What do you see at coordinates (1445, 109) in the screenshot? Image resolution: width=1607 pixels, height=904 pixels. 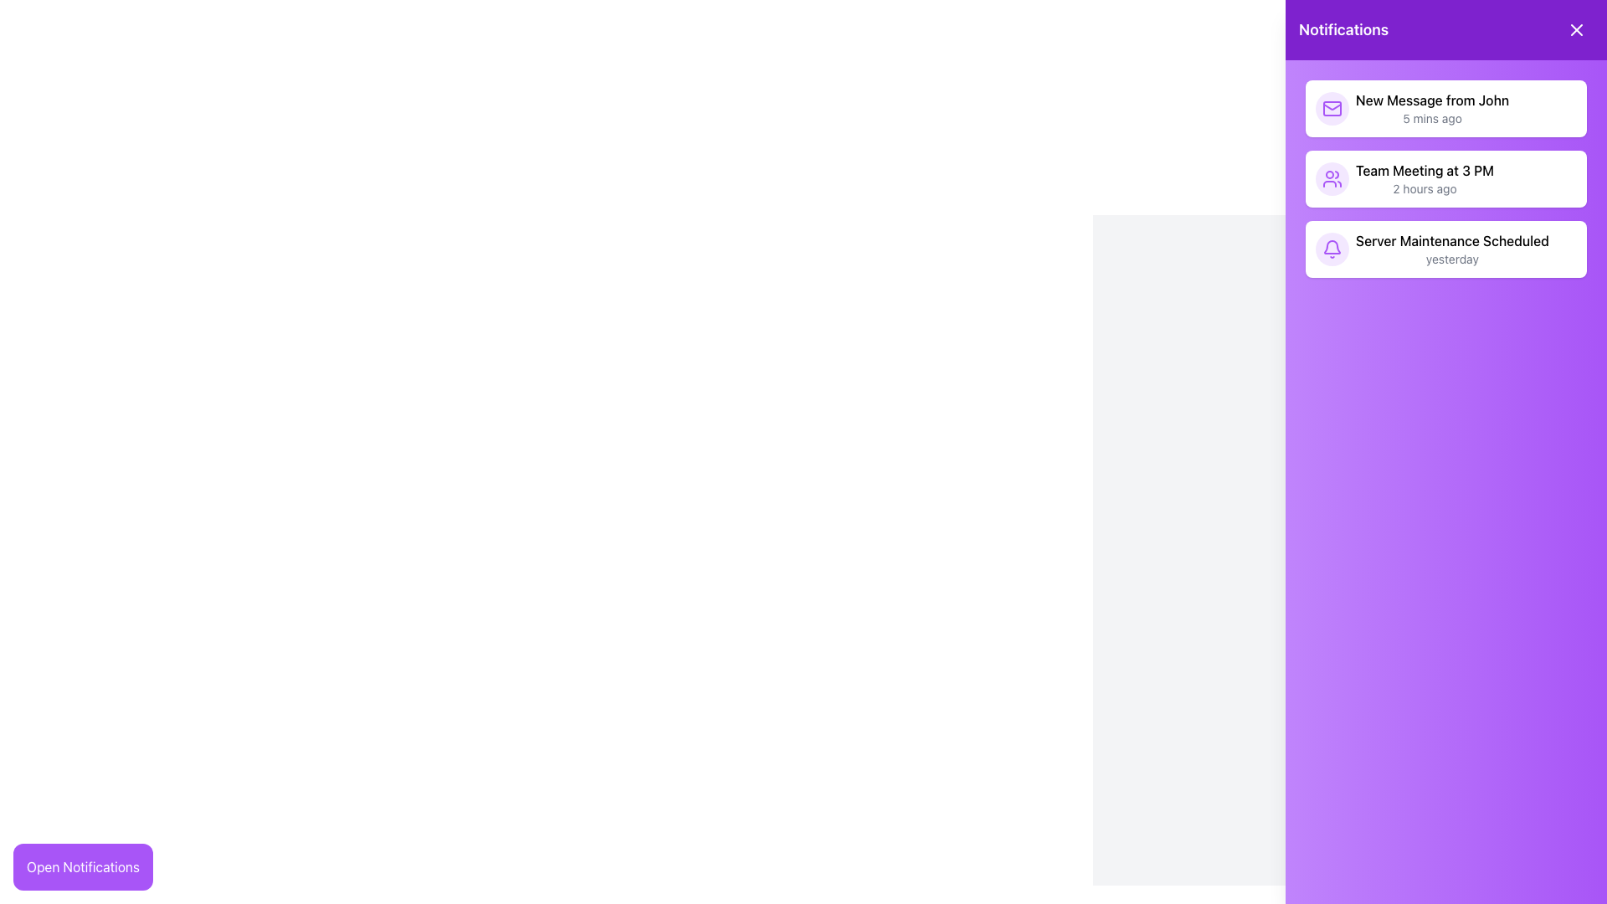 I see `the Notification card displaying a new message from 'John' with the timestamp '5 mins ago', located at the top of the purple 'Notifications' panel` at bounding box center [1445, 109].